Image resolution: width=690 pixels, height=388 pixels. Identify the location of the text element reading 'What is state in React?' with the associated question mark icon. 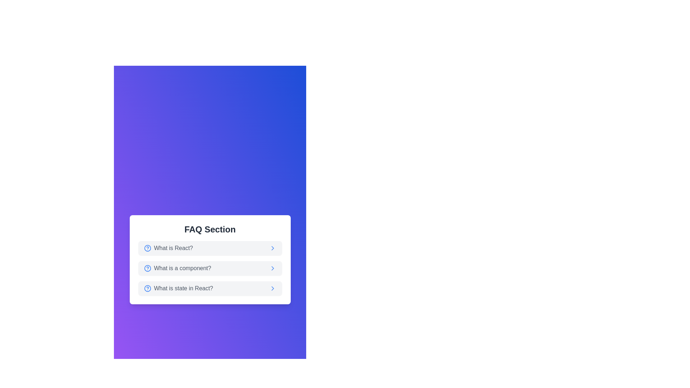
(178, 288).